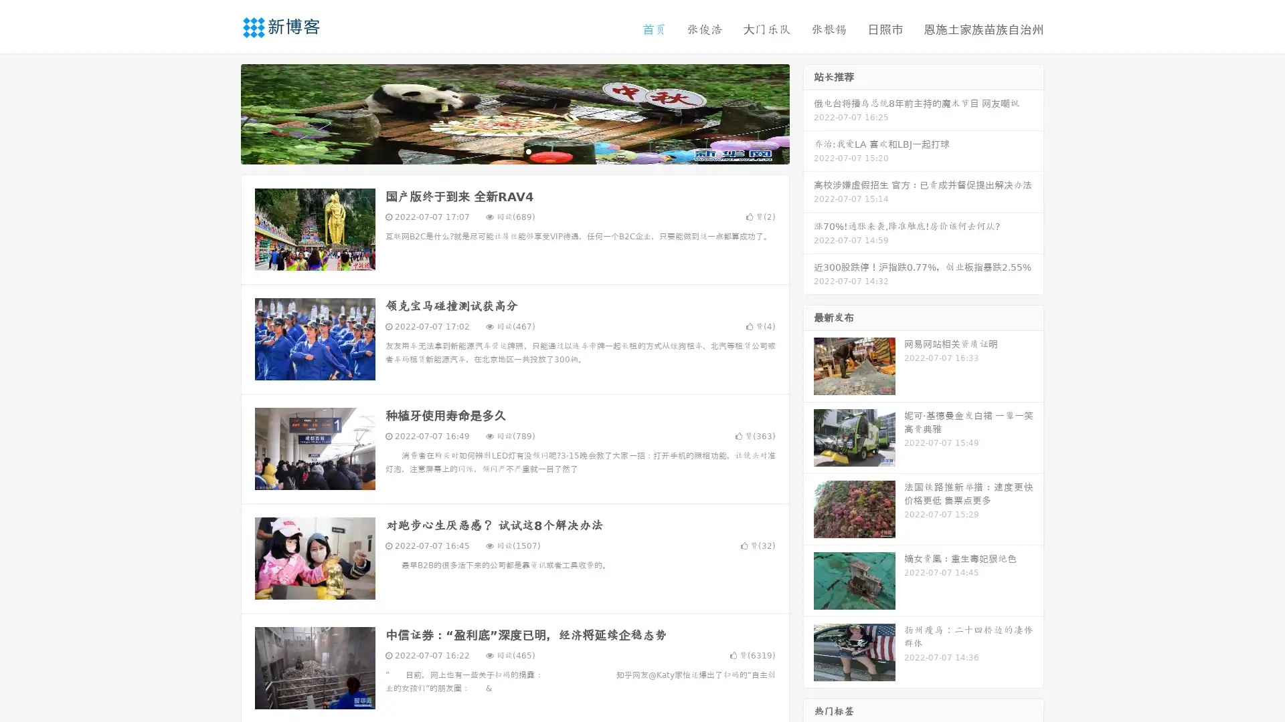  Describe the element at coordinates (528, 150) in the screenshot. I see `Go to slide 3` at that location.